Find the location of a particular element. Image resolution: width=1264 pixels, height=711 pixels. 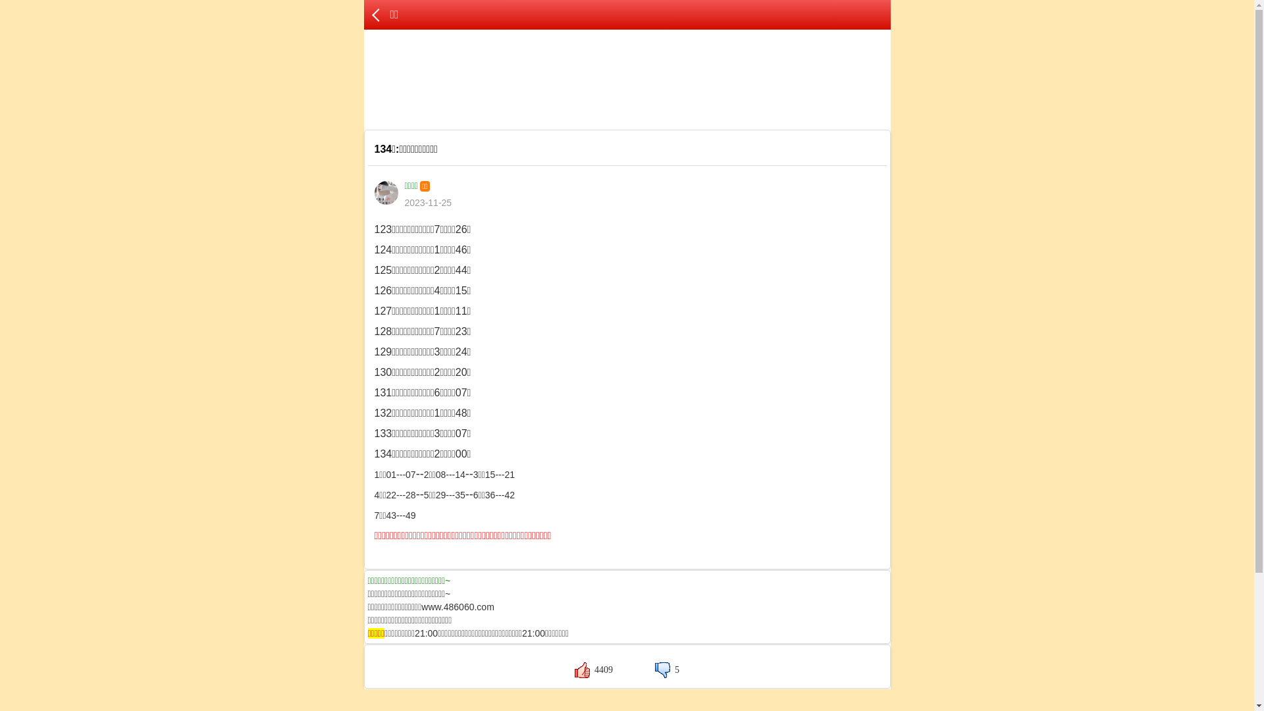

'4409' is located at coordinates (593, 670).